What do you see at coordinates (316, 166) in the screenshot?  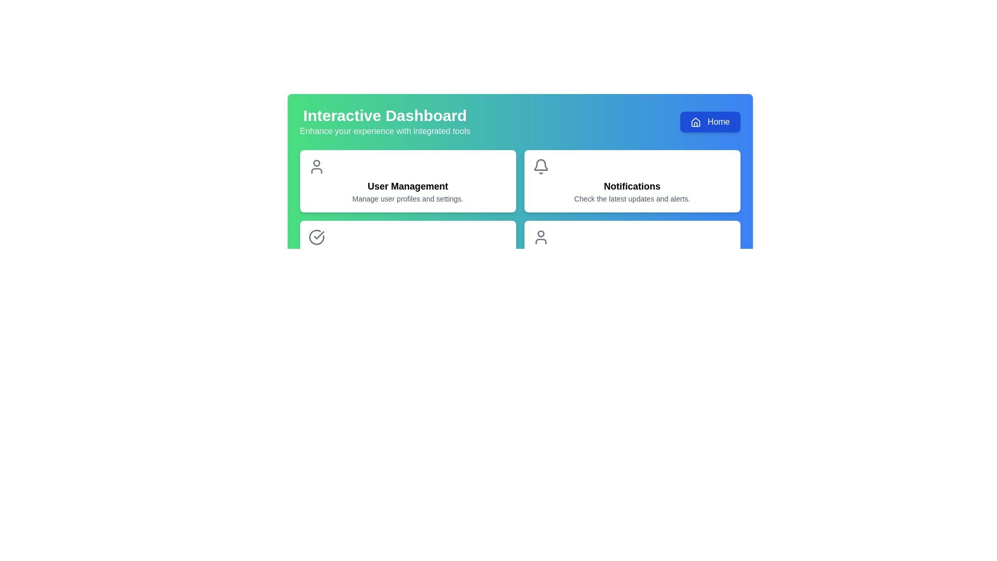 I see `the user icon located in the top-left corner of the 'User Management' card, which consists of a circle for the head and rounded shoulders, outlined in grayscale` at bounding box center [316, 166].